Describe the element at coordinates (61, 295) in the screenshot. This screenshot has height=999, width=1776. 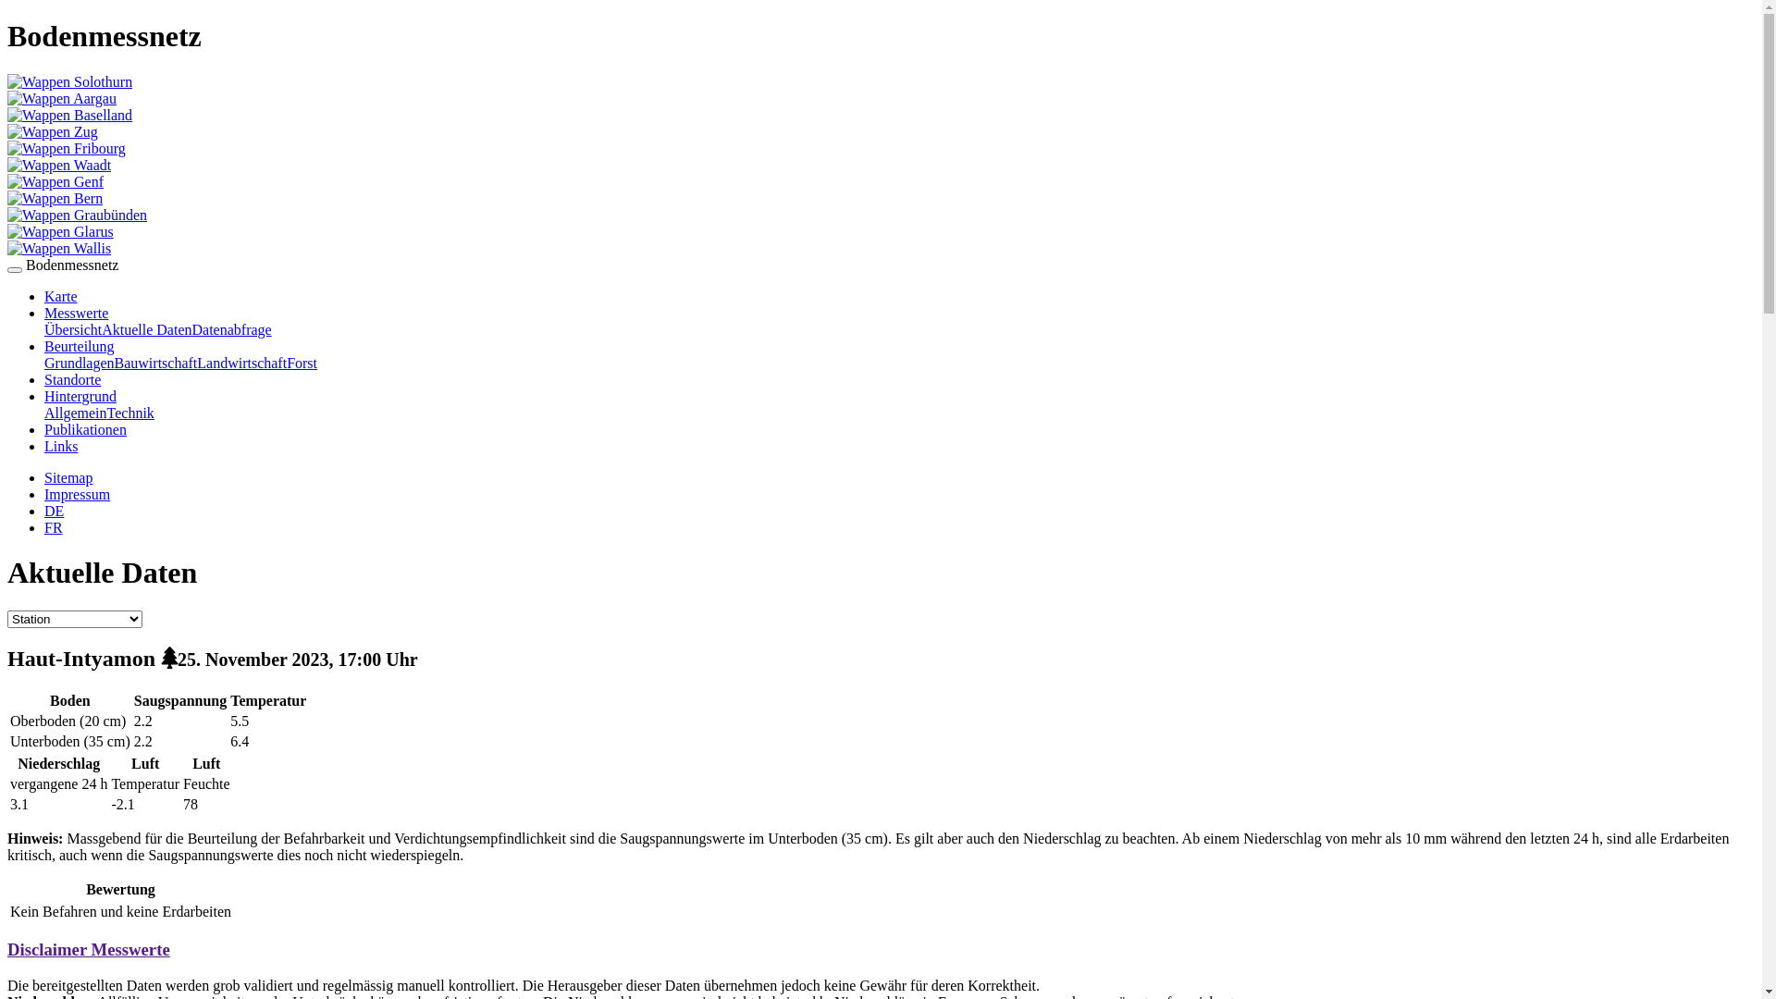
I see `'Karte'` at that location.